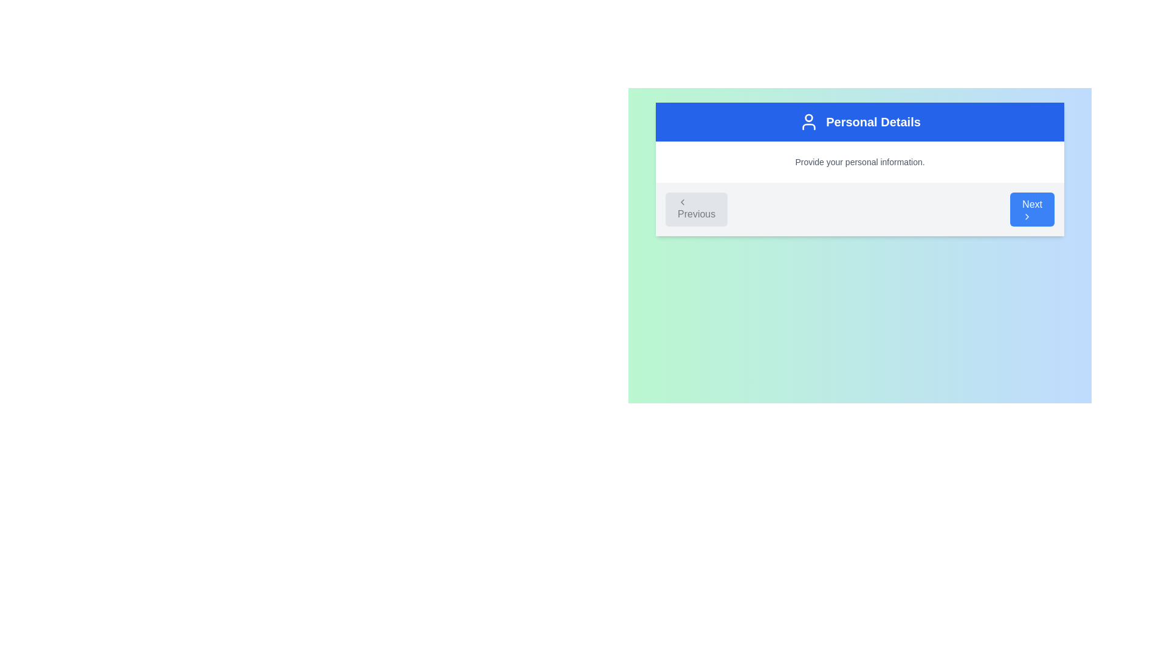  What do you see at coordinates (809, 121) in the screenshot?
I see `the decorative icon located in the blue header bar to the left of the text 'Personal Details'` at bounding box center [809, 121].